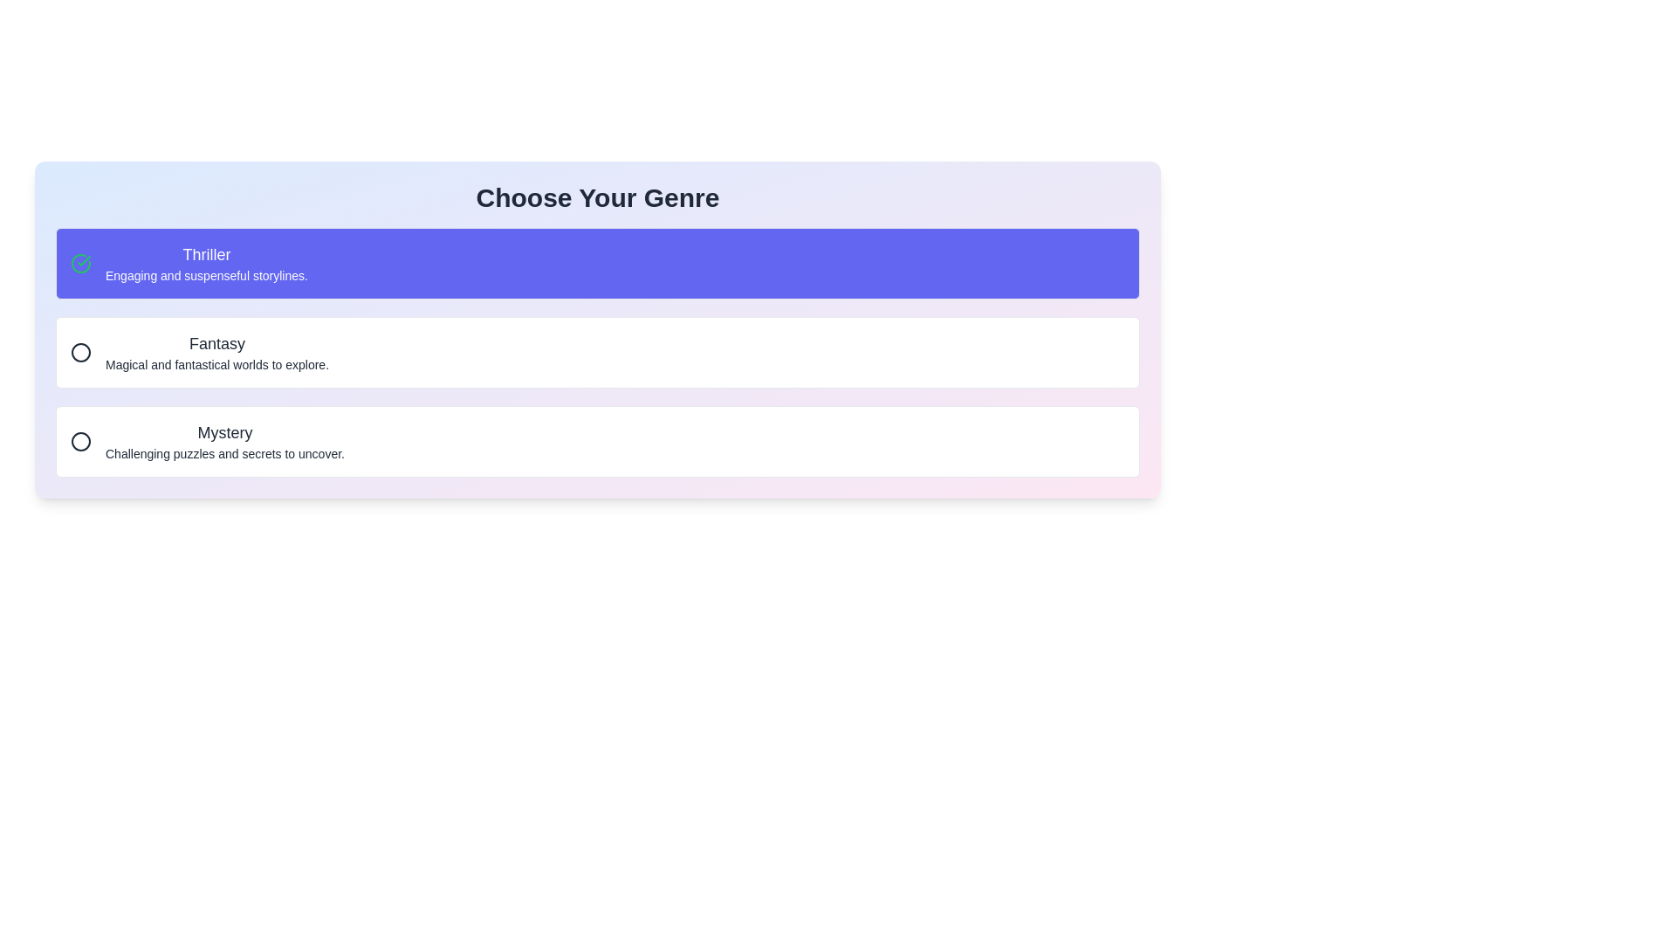 This screenshot has height=943, width=1676. I want to click on the text label displaying 'Thriller' which is prominently styled in white text against a blue background, located at the top-left section of the interface, so click(206, 255).